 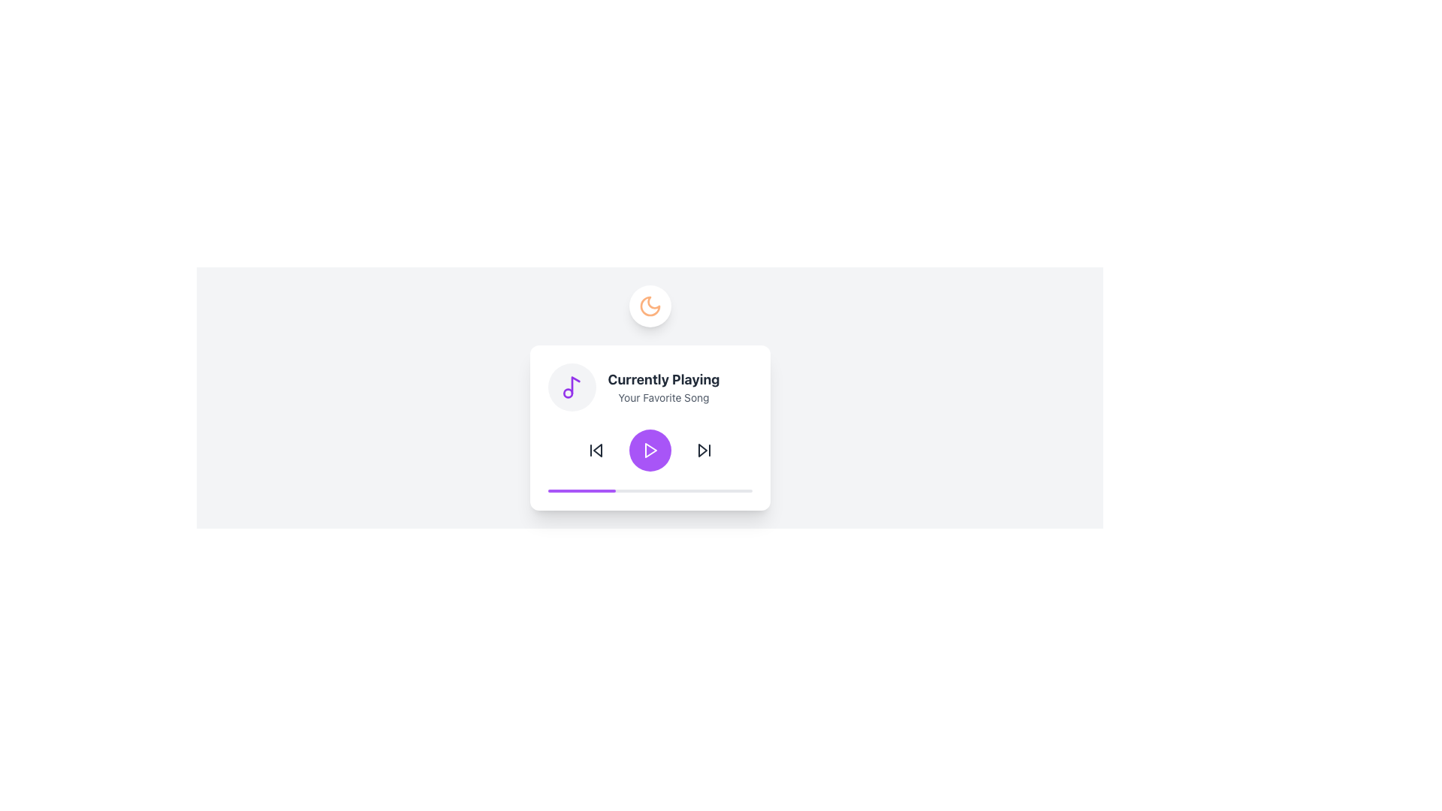 I want to click on the Circle graphic in the music icon SVG element, so click(x=567, y=393).